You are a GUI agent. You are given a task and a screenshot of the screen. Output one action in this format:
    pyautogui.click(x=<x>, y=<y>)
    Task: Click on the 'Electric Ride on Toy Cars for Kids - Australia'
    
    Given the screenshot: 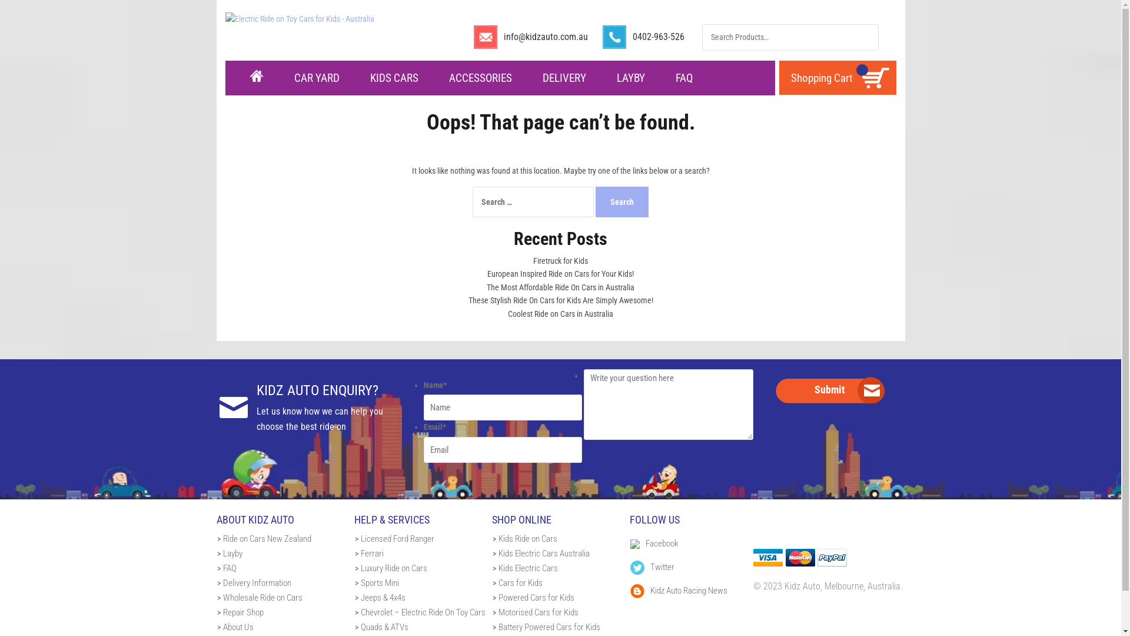 What is the action you would take?
    pyautogui.click(x=299, y=18)
    